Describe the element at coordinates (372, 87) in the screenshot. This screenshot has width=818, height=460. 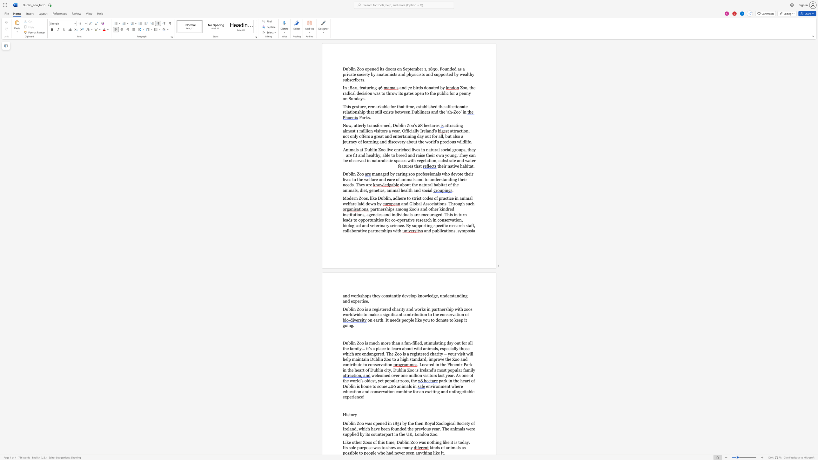
I see `the space between the continuous character "i" and "n" in the text` at that location.